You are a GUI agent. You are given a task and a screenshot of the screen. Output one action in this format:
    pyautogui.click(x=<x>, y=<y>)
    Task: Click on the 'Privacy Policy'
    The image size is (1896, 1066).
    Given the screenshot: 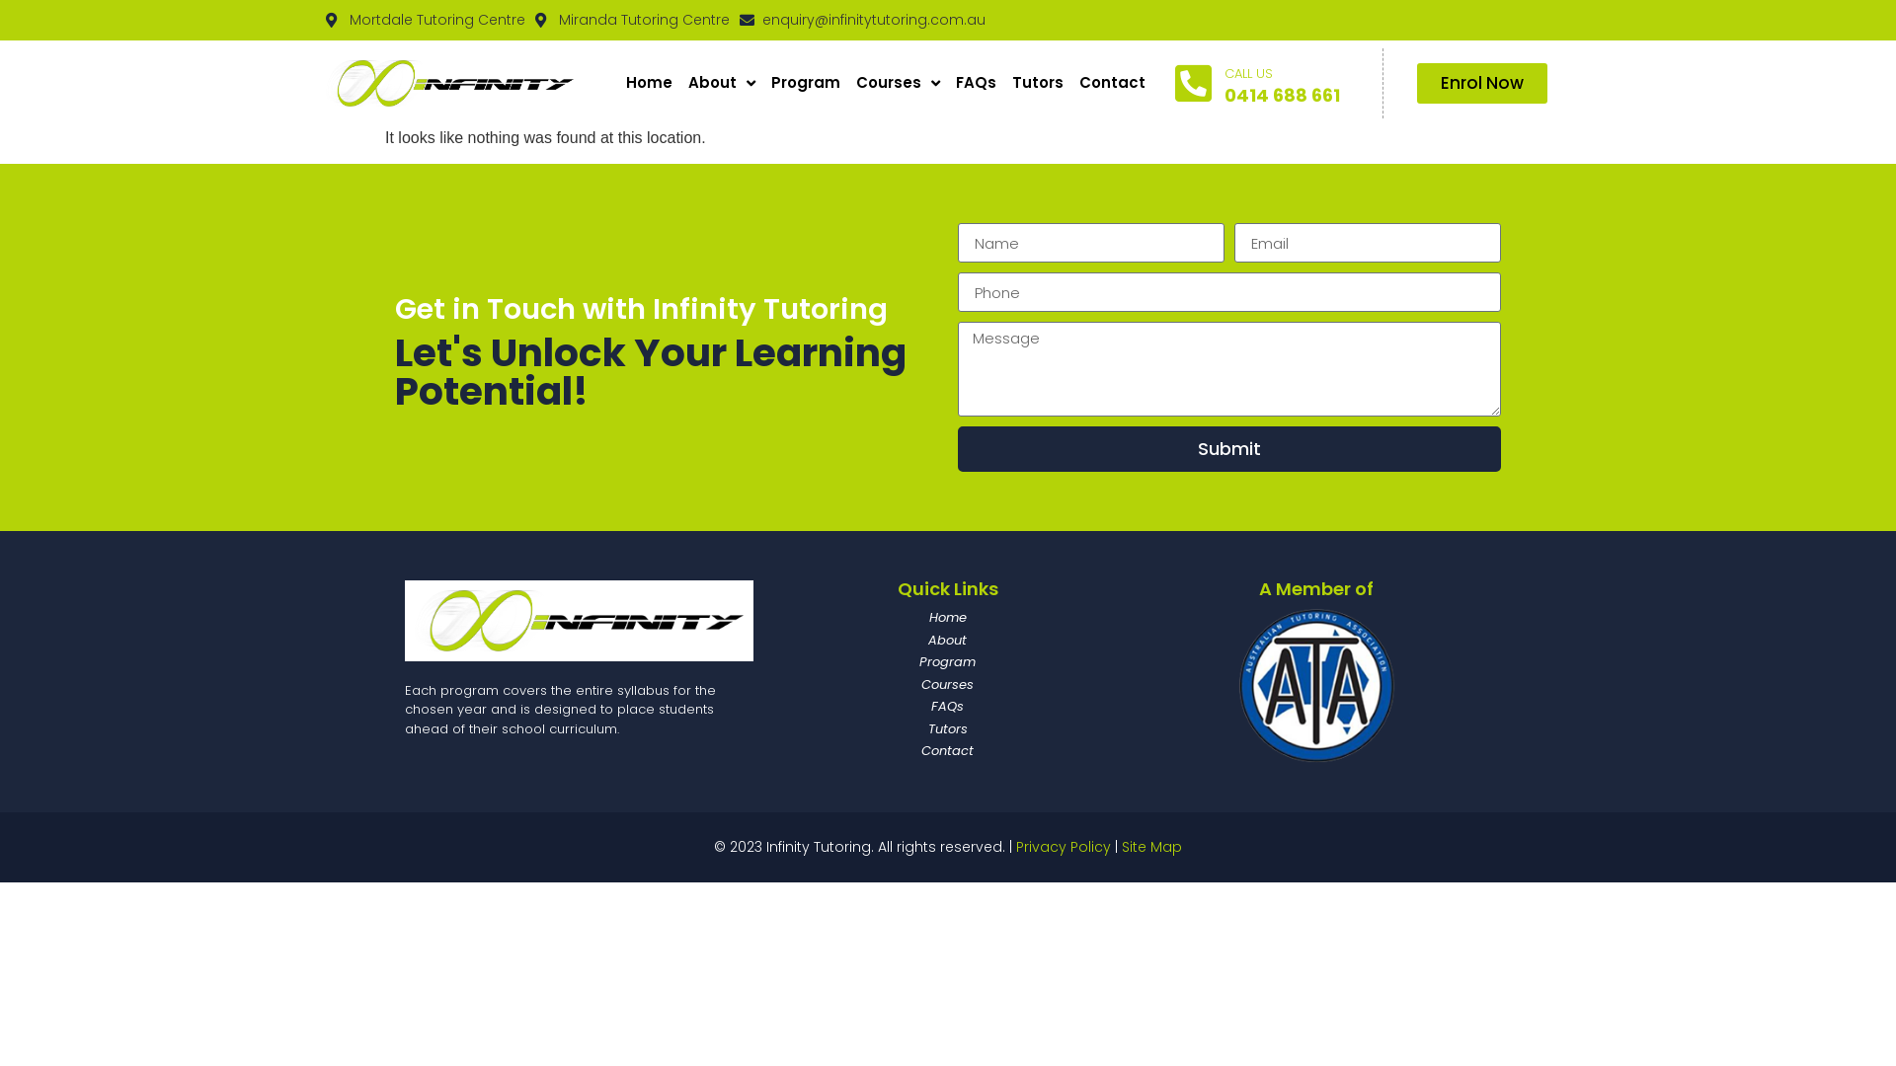 What is the action you would take?
    pyautogui.click(x=1062, y=845)
    